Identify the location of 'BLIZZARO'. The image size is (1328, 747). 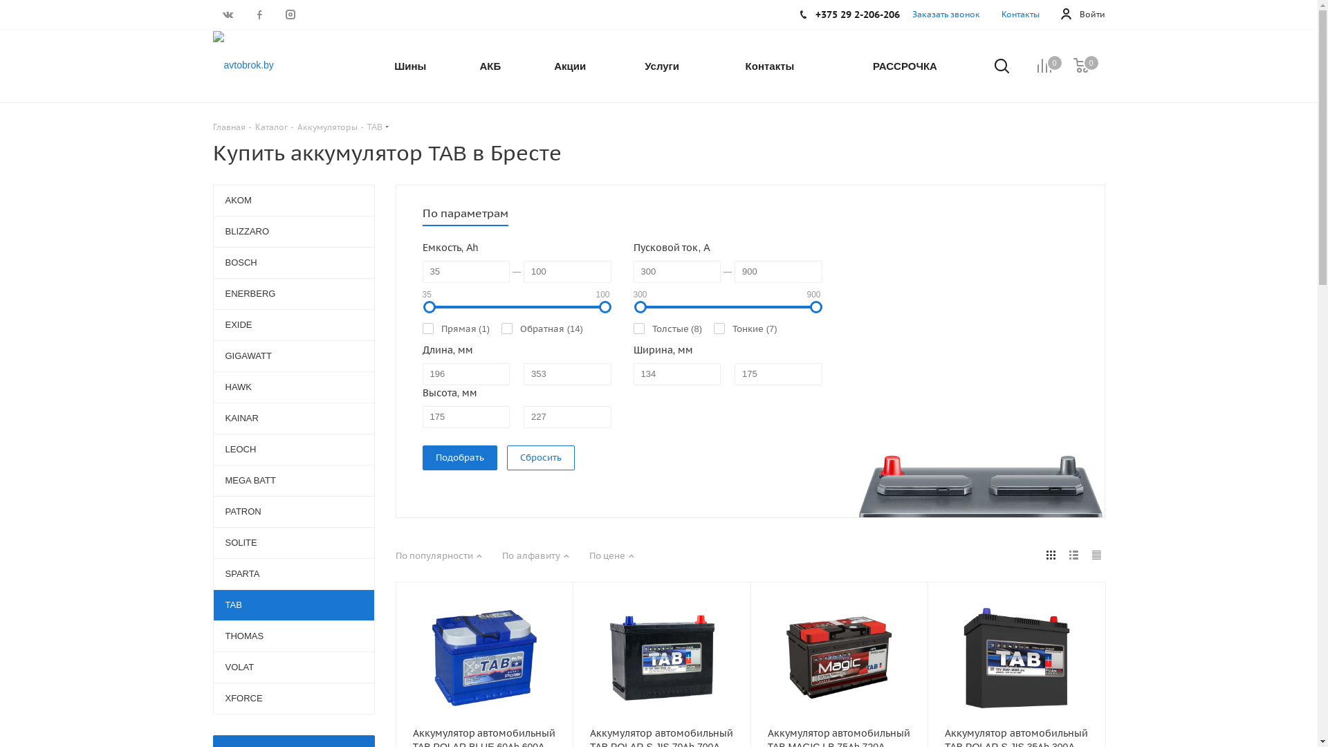
(293, 230).